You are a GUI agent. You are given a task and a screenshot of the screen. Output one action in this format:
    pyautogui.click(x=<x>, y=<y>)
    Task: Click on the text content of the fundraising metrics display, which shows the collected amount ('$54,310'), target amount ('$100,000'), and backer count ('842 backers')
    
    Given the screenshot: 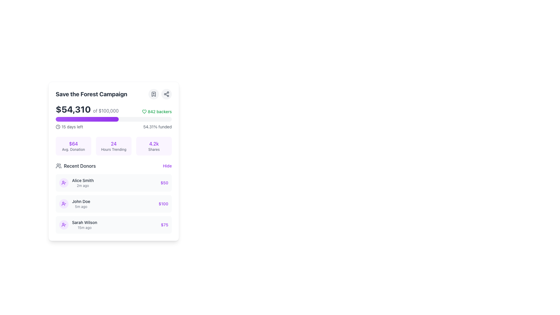 What is the action you would take?
    pyautogui.click(x=113, y=109)
    